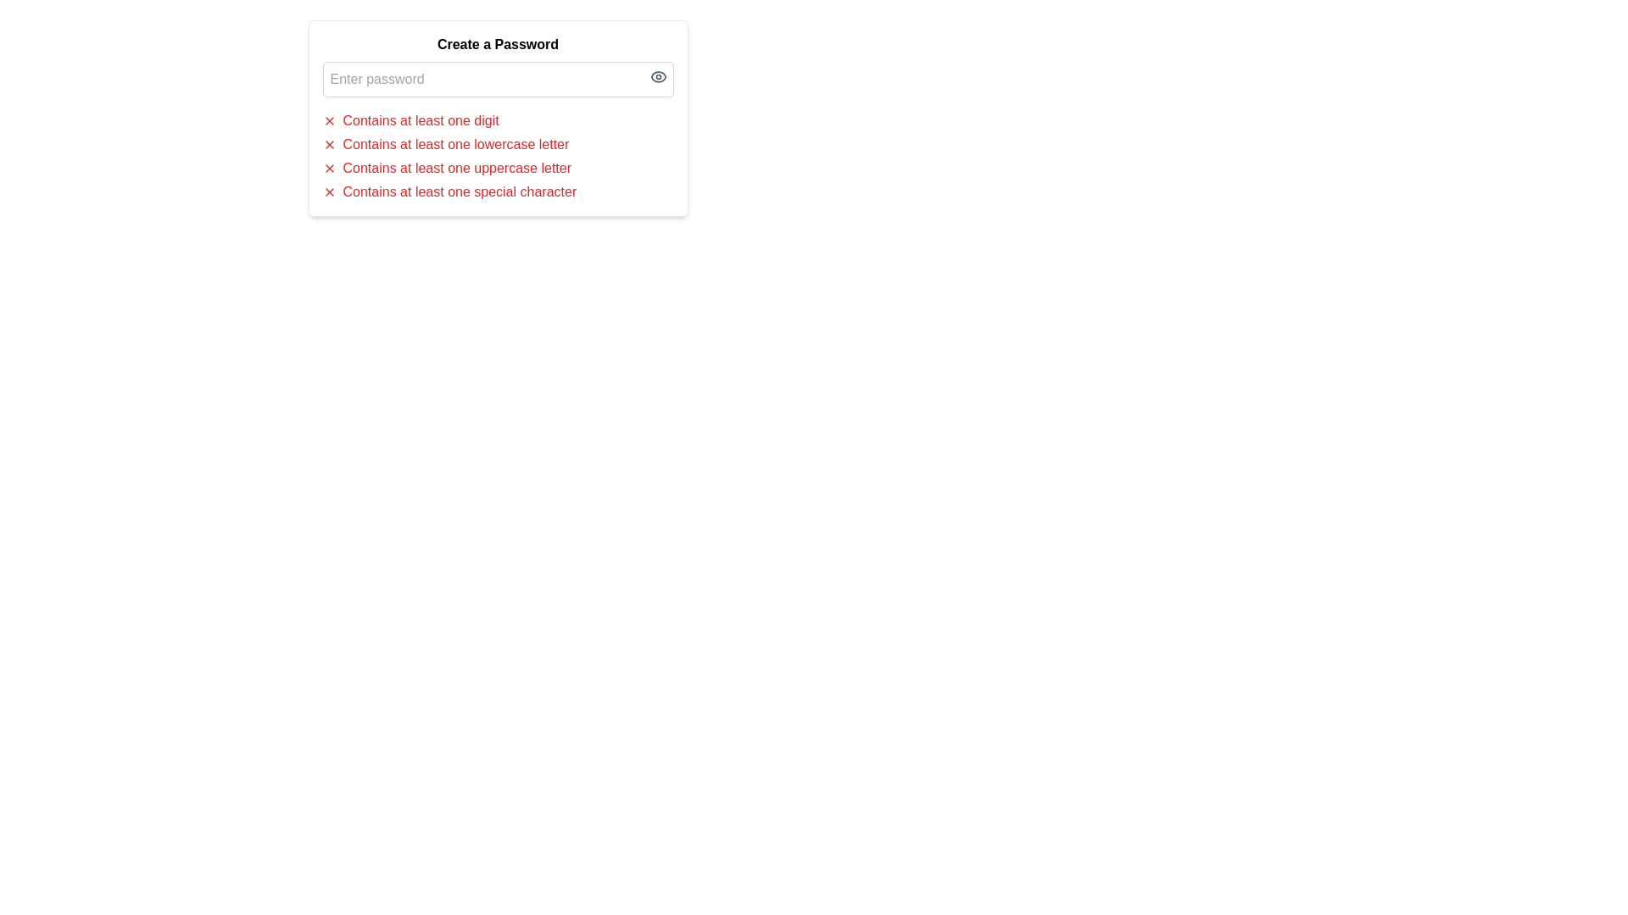  I want to click on the small 'X' icon that indicates the criterion for containing at least one uppercase letter in the password validation section, so click(329, 169).